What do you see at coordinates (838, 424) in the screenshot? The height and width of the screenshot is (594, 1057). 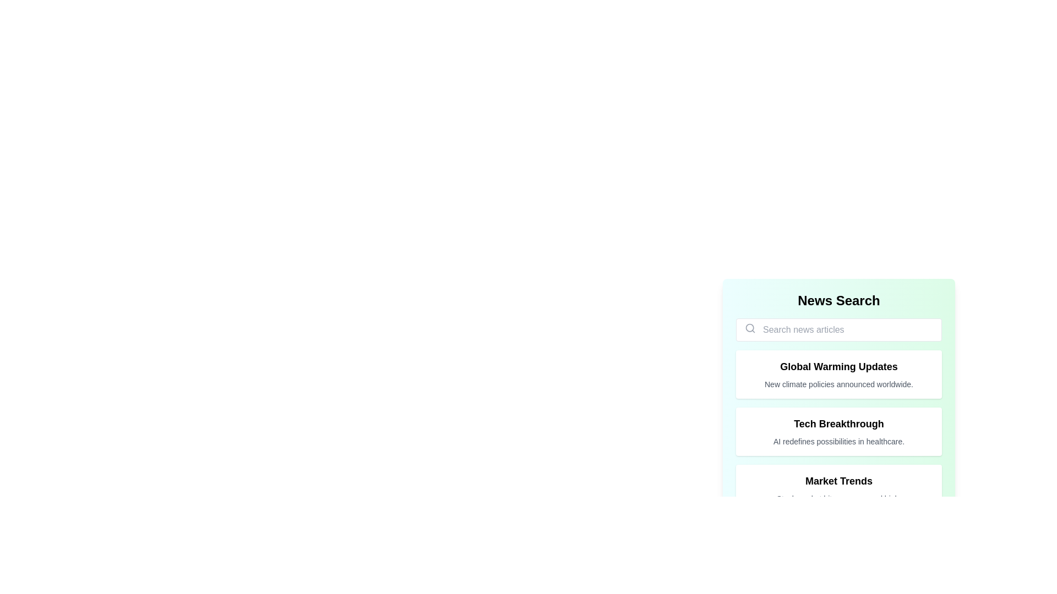 I see `text displaying the phrase 'Tech Breakthrough' which is prominently styled in bold, large characters within the highlighted section of the 'News Search' interface` at bounding box center [838, 424].